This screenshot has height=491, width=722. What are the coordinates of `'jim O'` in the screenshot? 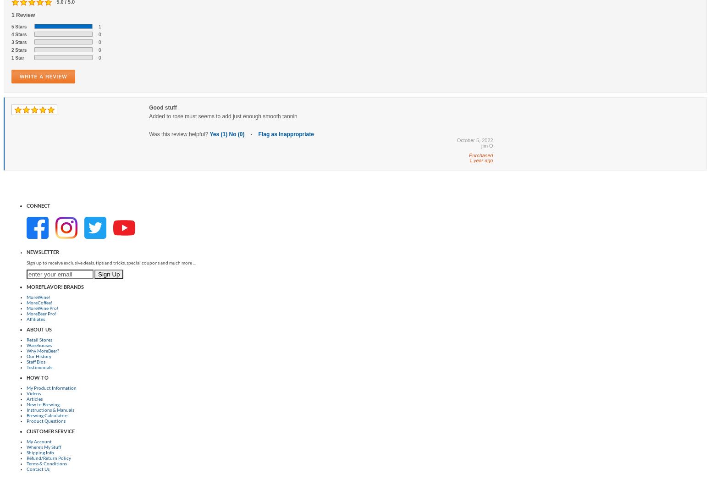 It's located at (487, 145).